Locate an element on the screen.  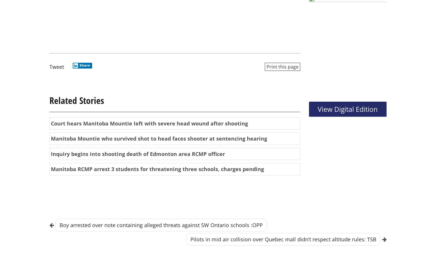
'Boy arrested over note containing alleged threats against SW Ontario schools :OPP' is located at coordinates (161, 225).